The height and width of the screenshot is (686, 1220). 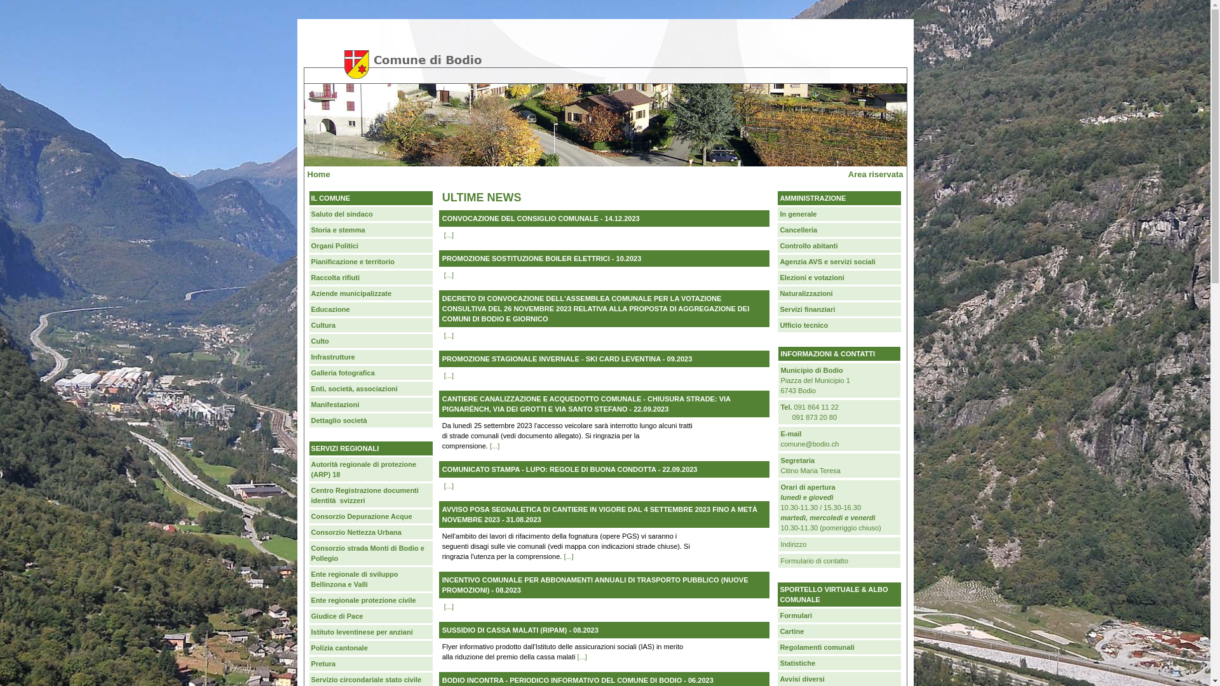 I want to click on 'Formulari', so click(x=839, y=614).